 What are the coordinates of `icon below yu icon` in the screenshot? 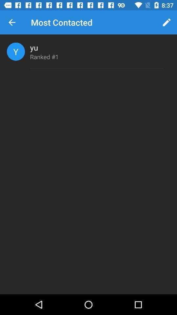 It's located at (44, 56).